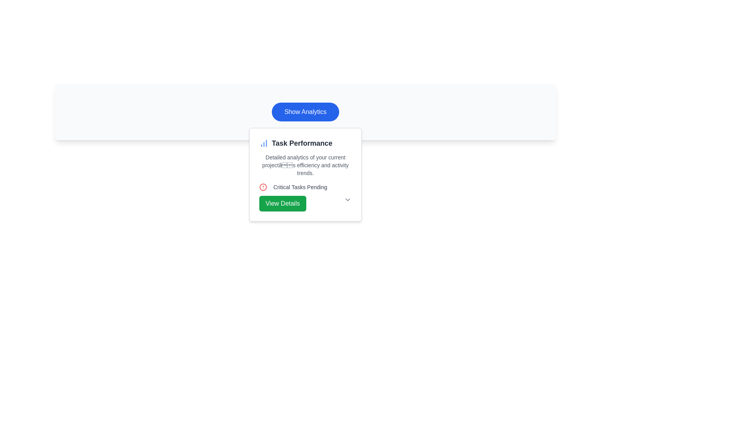 The width and height of the screenshot is (752, 423). I want to click on text content of the Text Display that shows 'Detailed analytics of your current project’s efficiency and activity trends.' located under the heading 'Task Performance.', so click(305, 164).